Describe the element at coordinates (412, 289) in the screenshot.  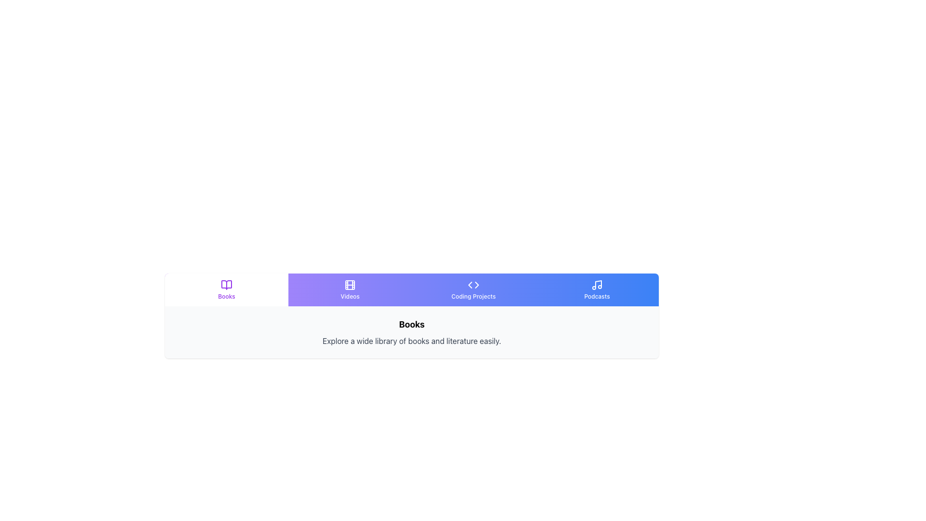
I see `the 'Books' section of the Navigation bar, which is a horizontal bar with a gradient background containing four sections labeled 'Books,' 'Videos,' 'Coding Projects,' and 'Podcasts.'` at that location.